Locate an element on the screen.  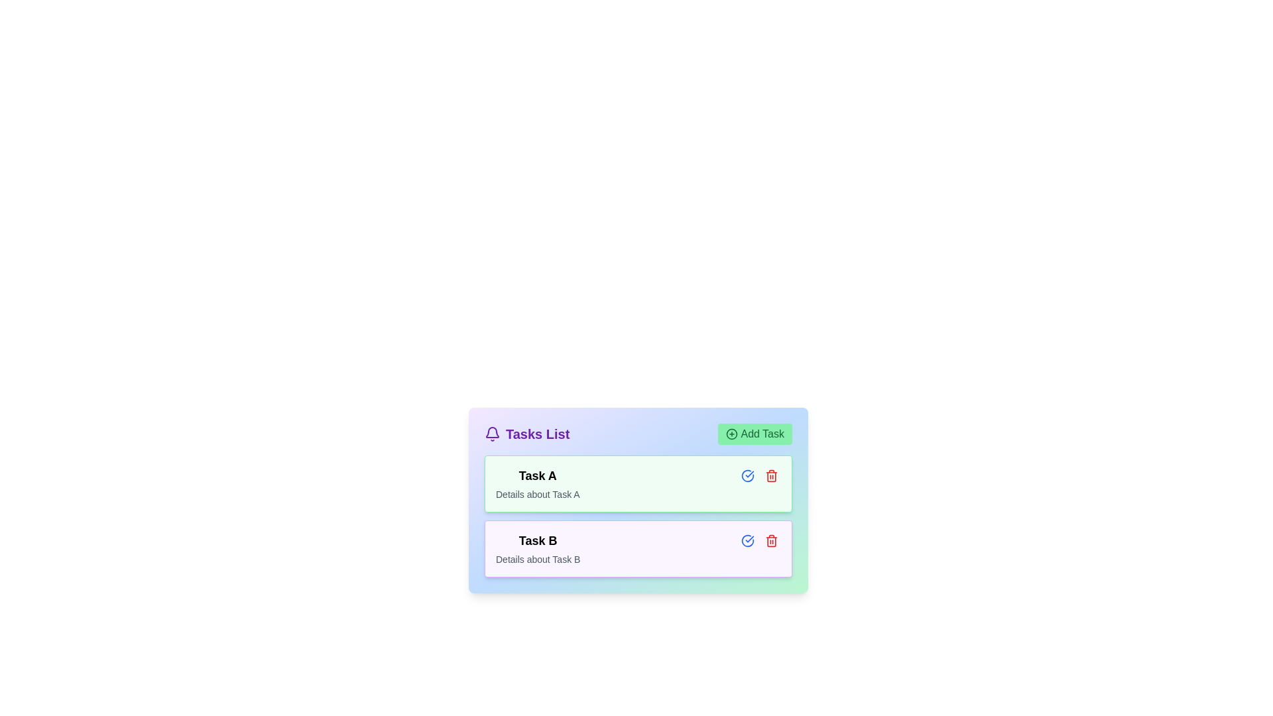
the second task card in the 'Tasks List', which displays the task's title and description, located below 'Task A' is located at coordinates (638, 552).